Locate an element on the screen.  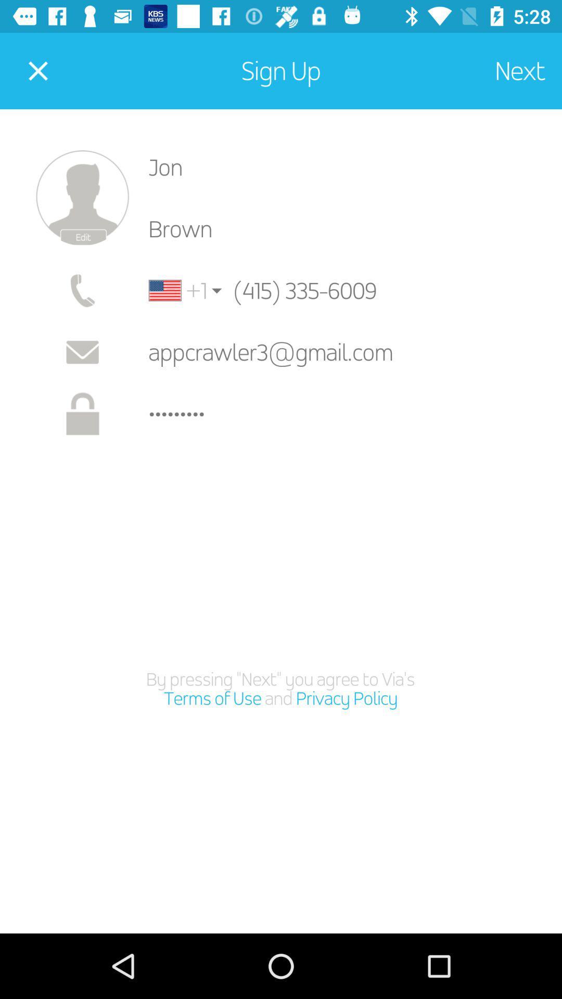
edit the profile image is located at coordinates (82, 198).